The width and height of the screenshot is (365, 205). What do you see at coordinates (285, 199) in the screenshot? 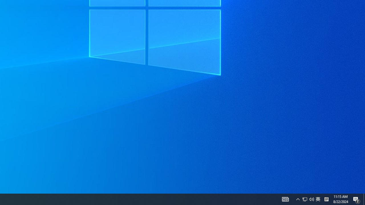
I see `'AutomationID: 4105'` at bounding box center [285, 199].